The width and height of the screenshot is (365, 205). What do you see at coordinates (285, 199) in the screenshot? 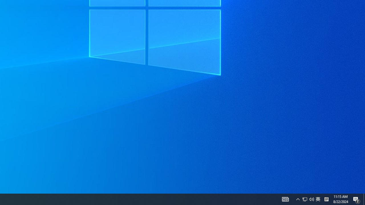
I see `'AutomationID: 4105'` at bounding box center [285, 199].